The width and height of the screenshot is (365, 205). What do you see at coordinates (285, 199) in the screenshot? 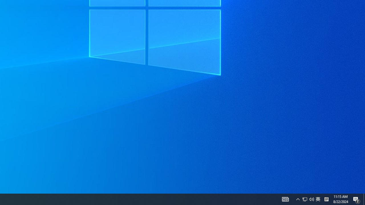
I see `'AutomationID: 4105'` at bounding box center [285, 199].